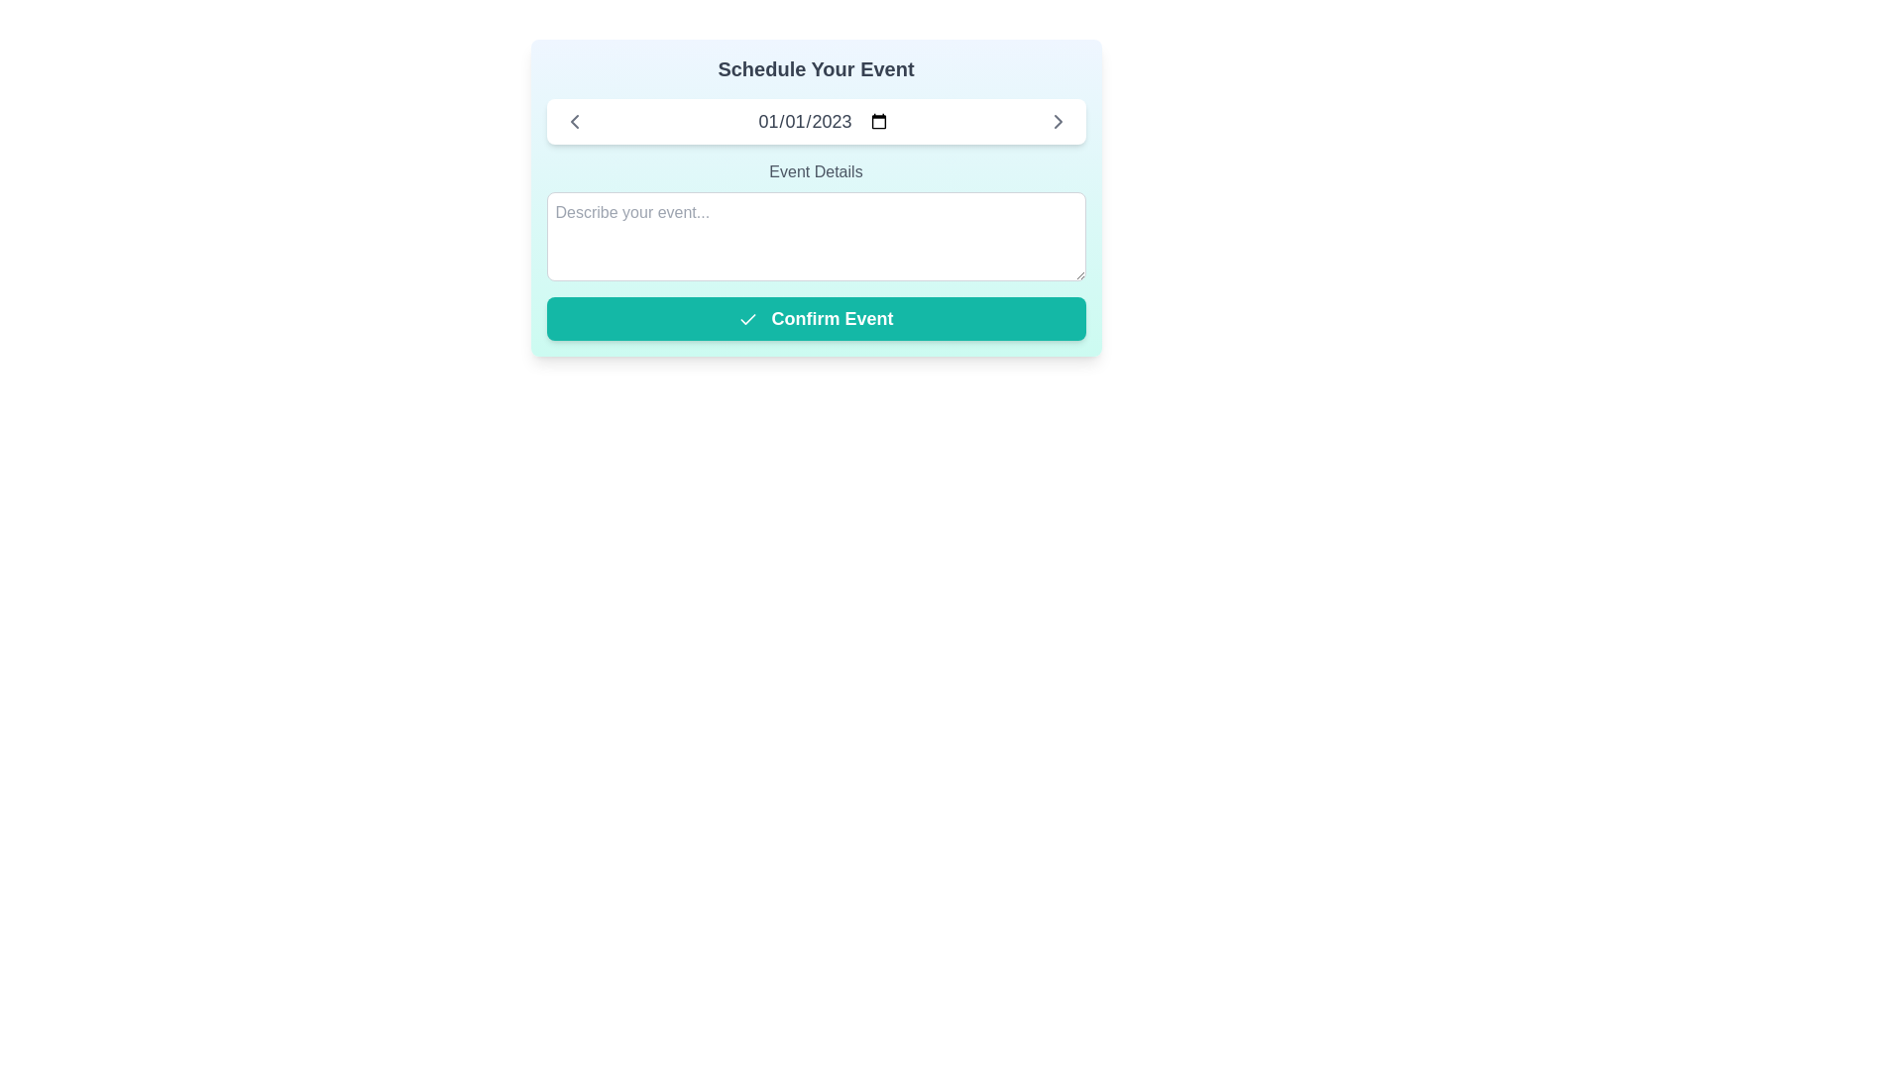 This screenshot has width=1903, height=1070. Describe the element at coordinates (1057, 122) in the screenshot. I see `the vector icon located at the far right of the rectangular field containing the date '01/01/2023'` at that location.